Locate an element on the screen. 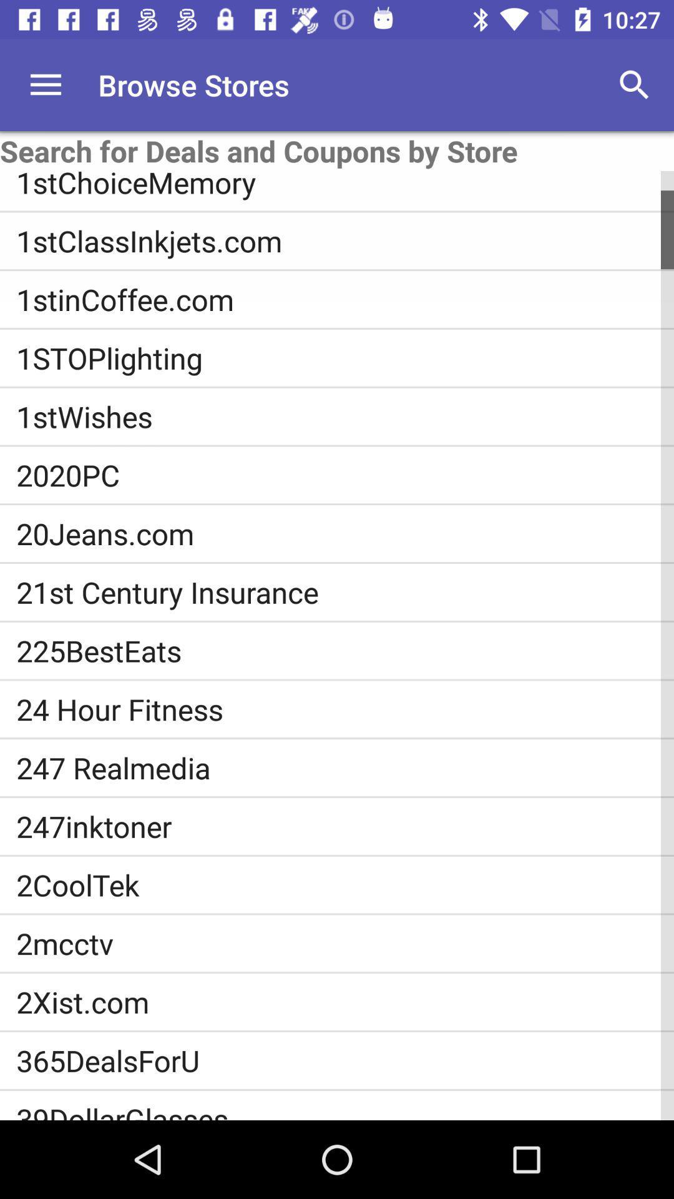 The width and height of the screenshot is (674, 1199). the 225besteats item is located at coordinates (345, 650).